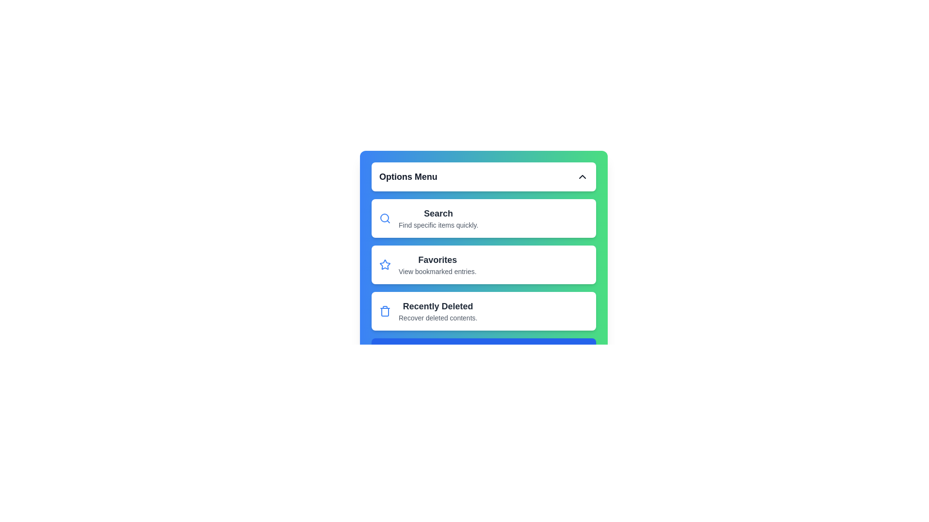 This screenshot has width=929, height=522. I want to click on the Label with description text that reads 'Favorites' and 'View bookmarked entries.' centrally located in the second card of the options list, so click(437, 264).